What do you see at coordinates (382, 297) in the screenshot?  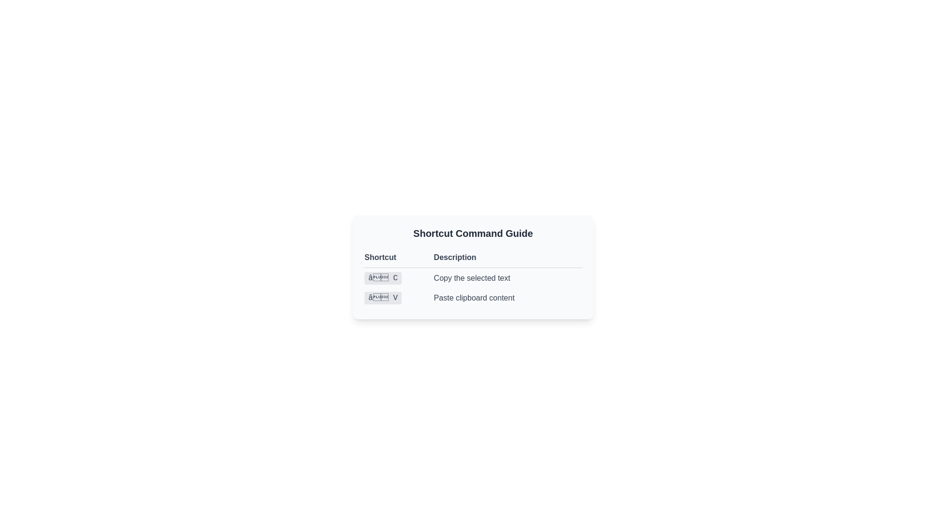 I see `the static text element that visually indicates the Paste command, located below the 'â⌘ C' element in the shortcut command guide` at bounding box center [382, 297].